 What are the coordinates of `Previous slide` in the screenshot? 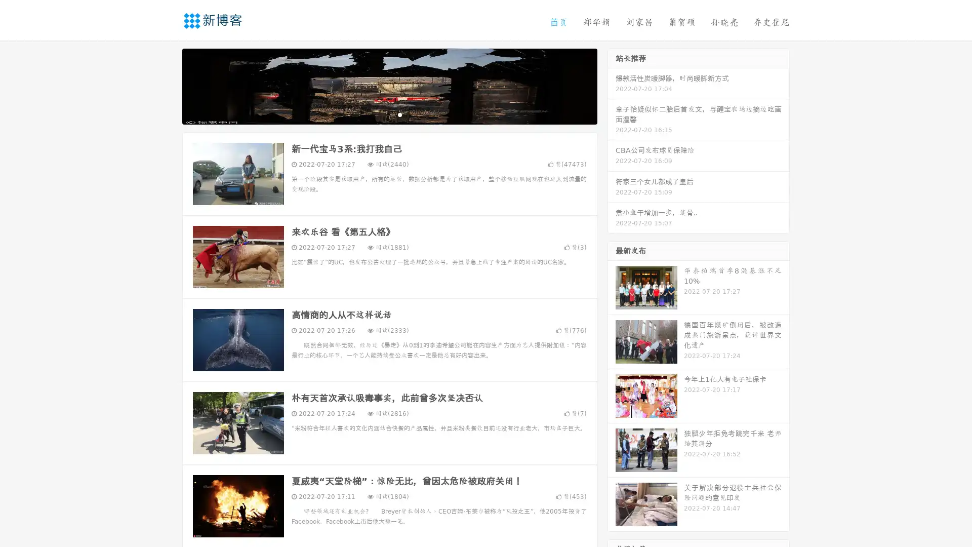 It's located at (167, 85).